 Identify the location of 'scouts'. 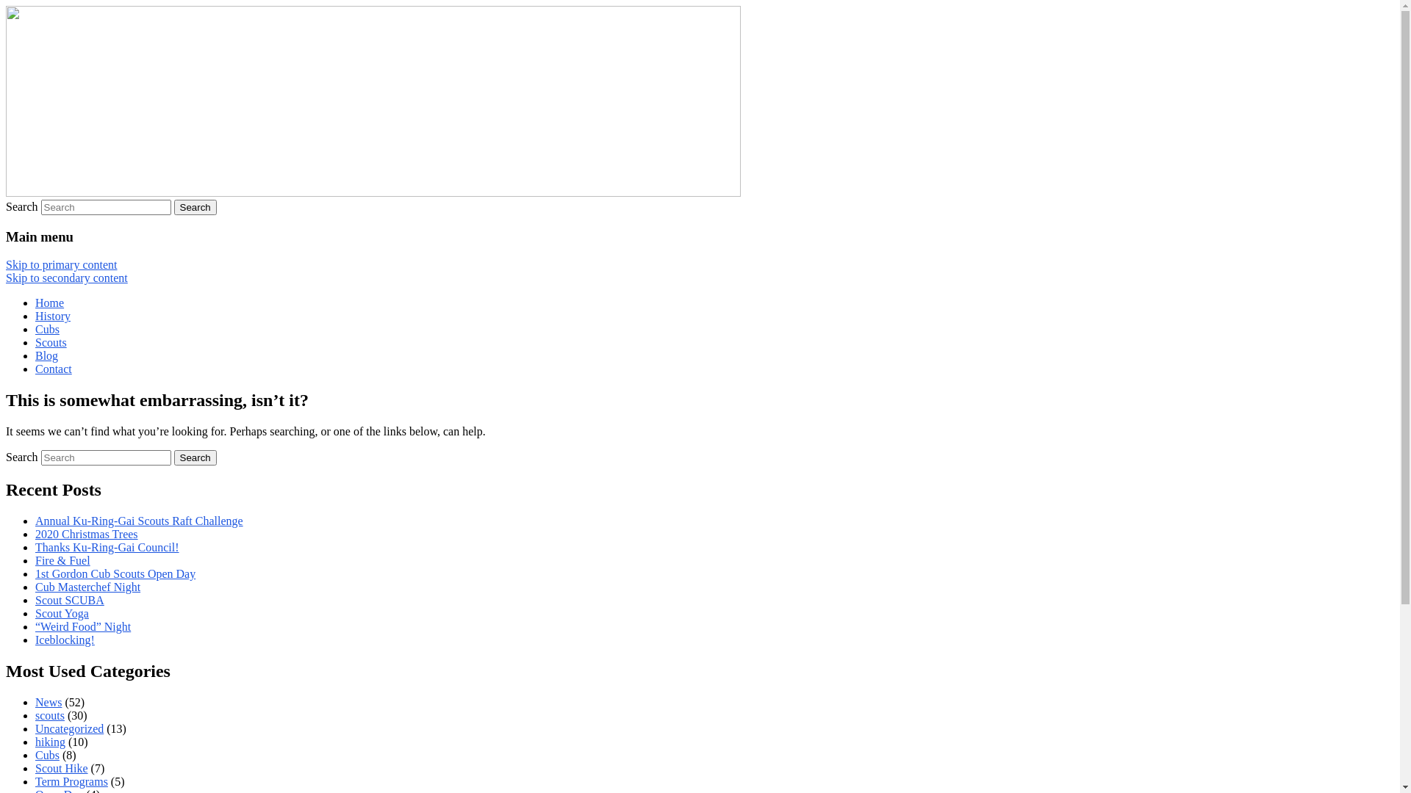
(49, 714).